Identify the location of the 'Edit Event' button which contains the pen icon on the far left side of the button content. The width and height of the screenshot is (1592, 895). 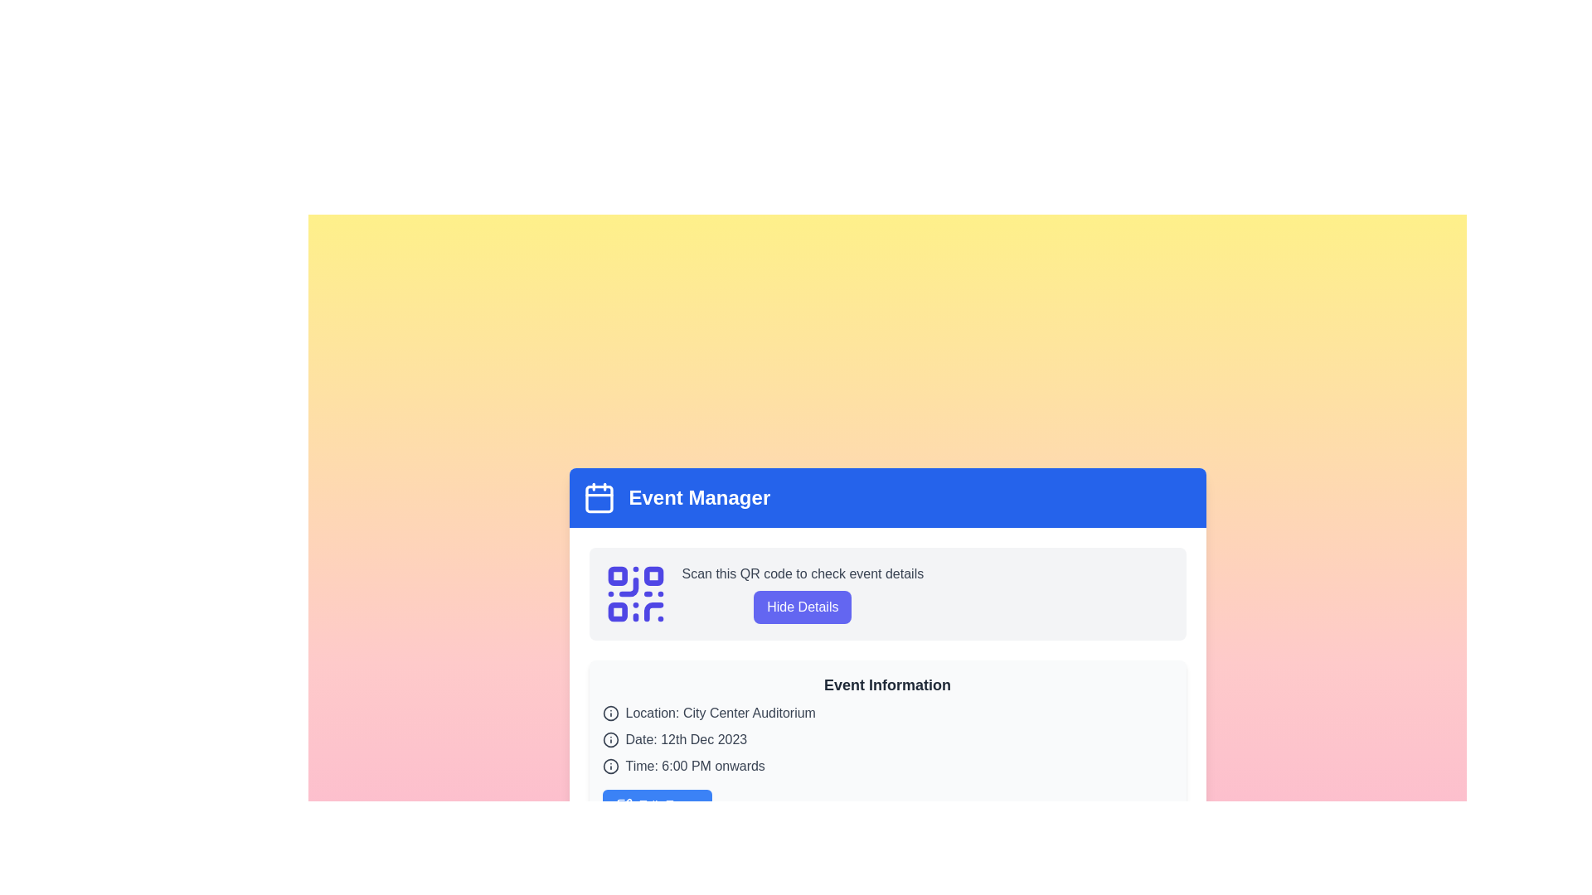
(623, 805).